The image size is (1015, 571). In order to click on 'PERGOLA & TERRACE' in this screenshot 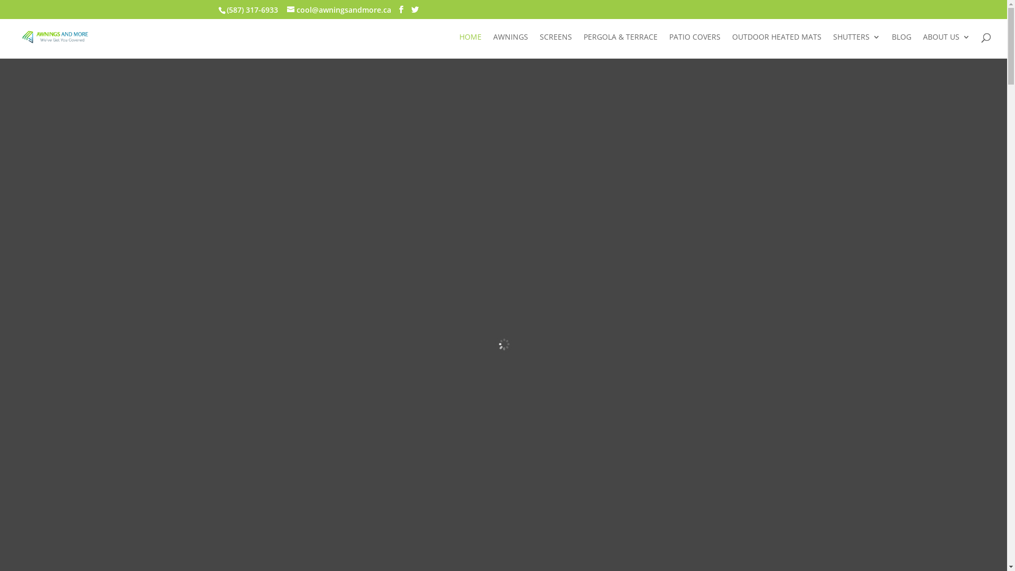, I will do `click(621, 45)`.